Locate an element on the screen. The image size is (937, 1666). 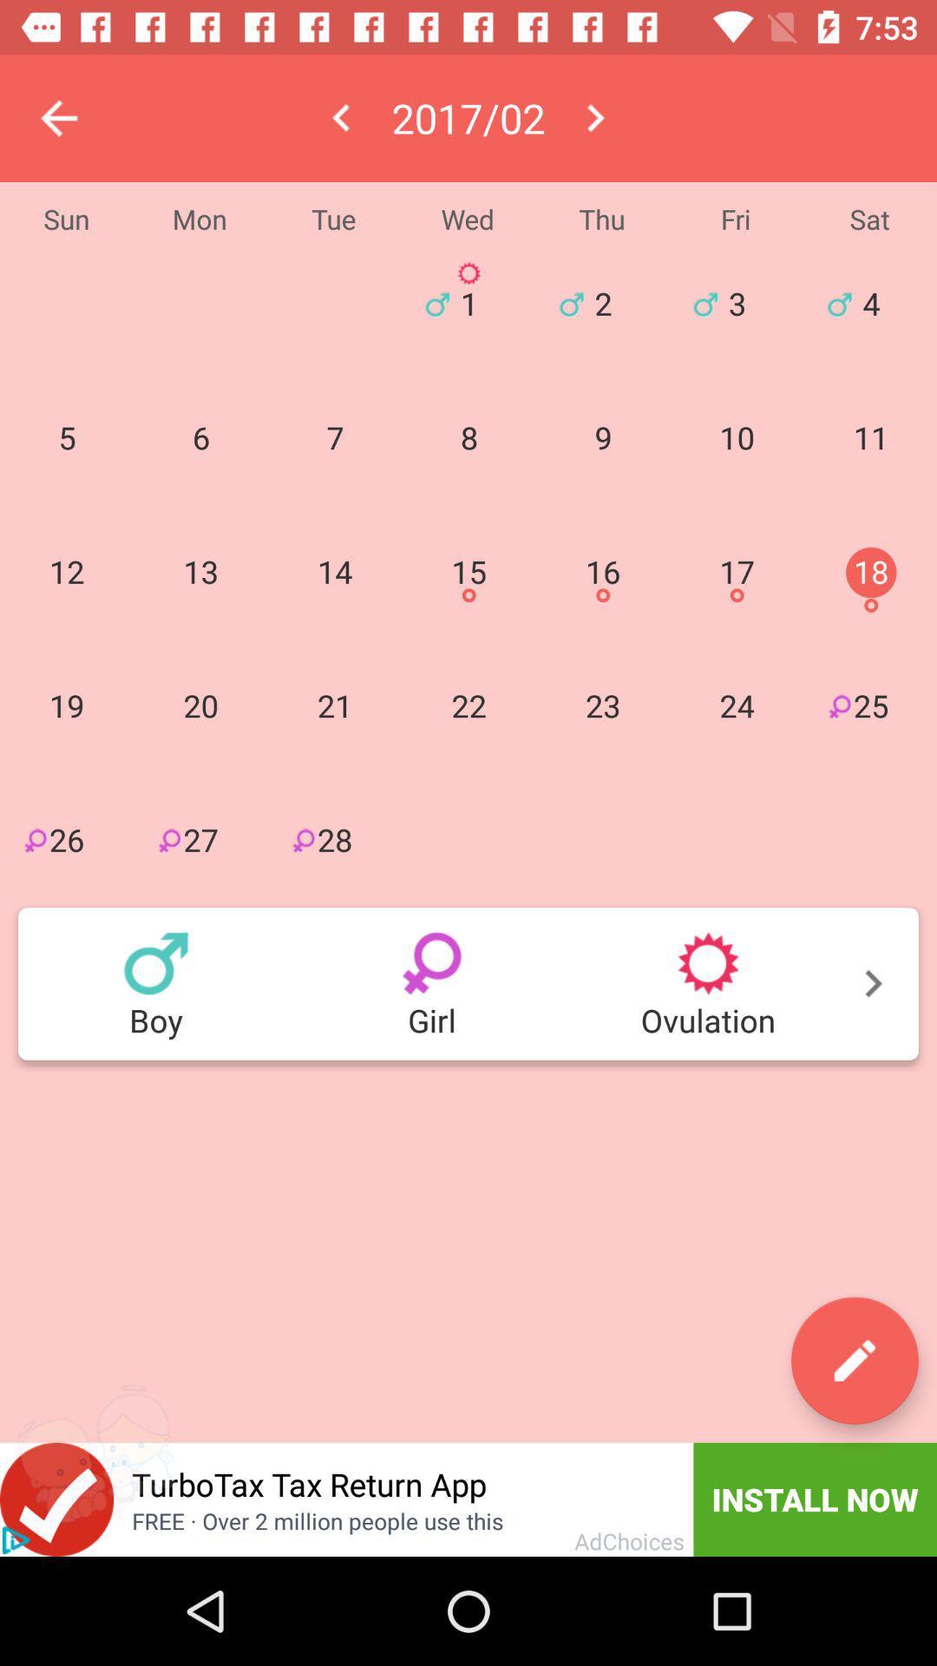
the left arrow on top left corner is located at coordinates (58, 117).